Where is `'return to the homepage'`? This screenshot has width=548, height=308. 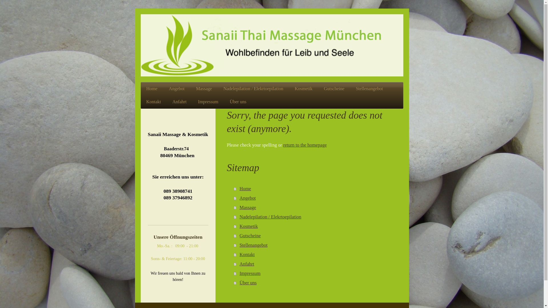 'return to the homepage' is located at coordinates (283, 145).